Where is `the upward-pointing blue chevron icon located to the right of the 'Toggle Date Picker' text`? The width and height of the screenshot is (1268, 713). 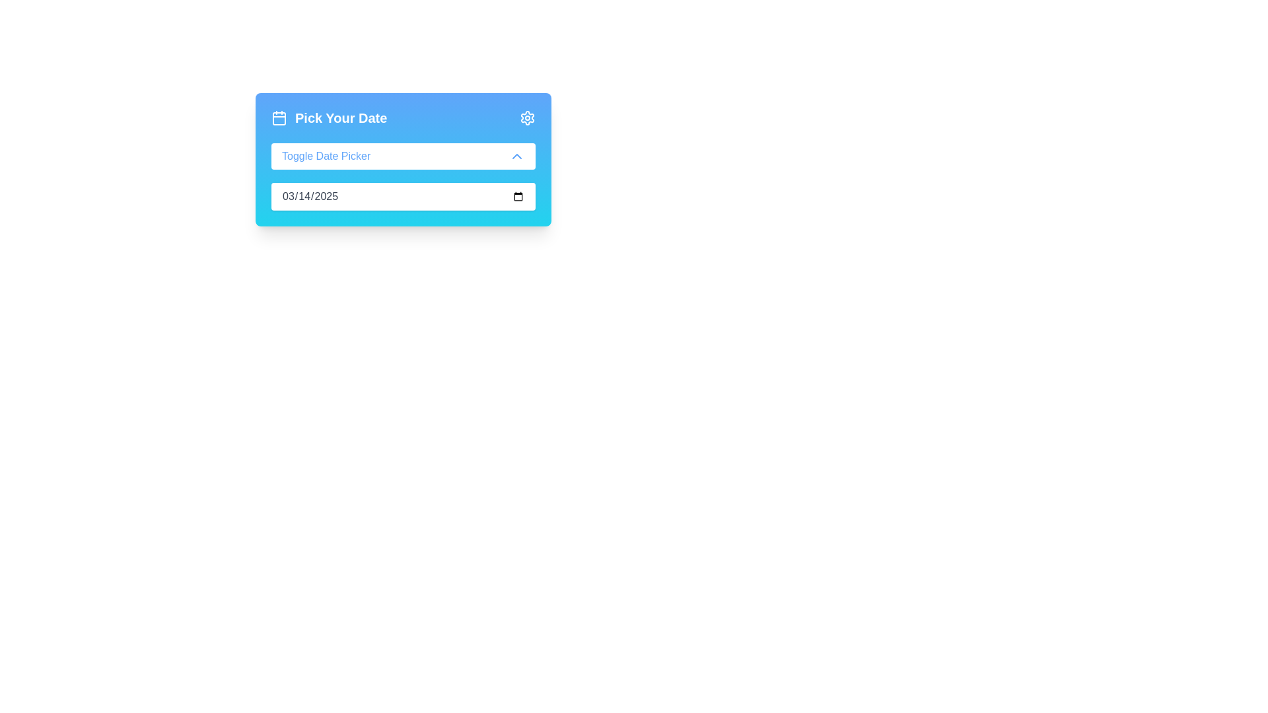
the upward-pointing blue chevron icon located to the right of the 'Toggle Date Picker' text is located at coordinates (516, 155).